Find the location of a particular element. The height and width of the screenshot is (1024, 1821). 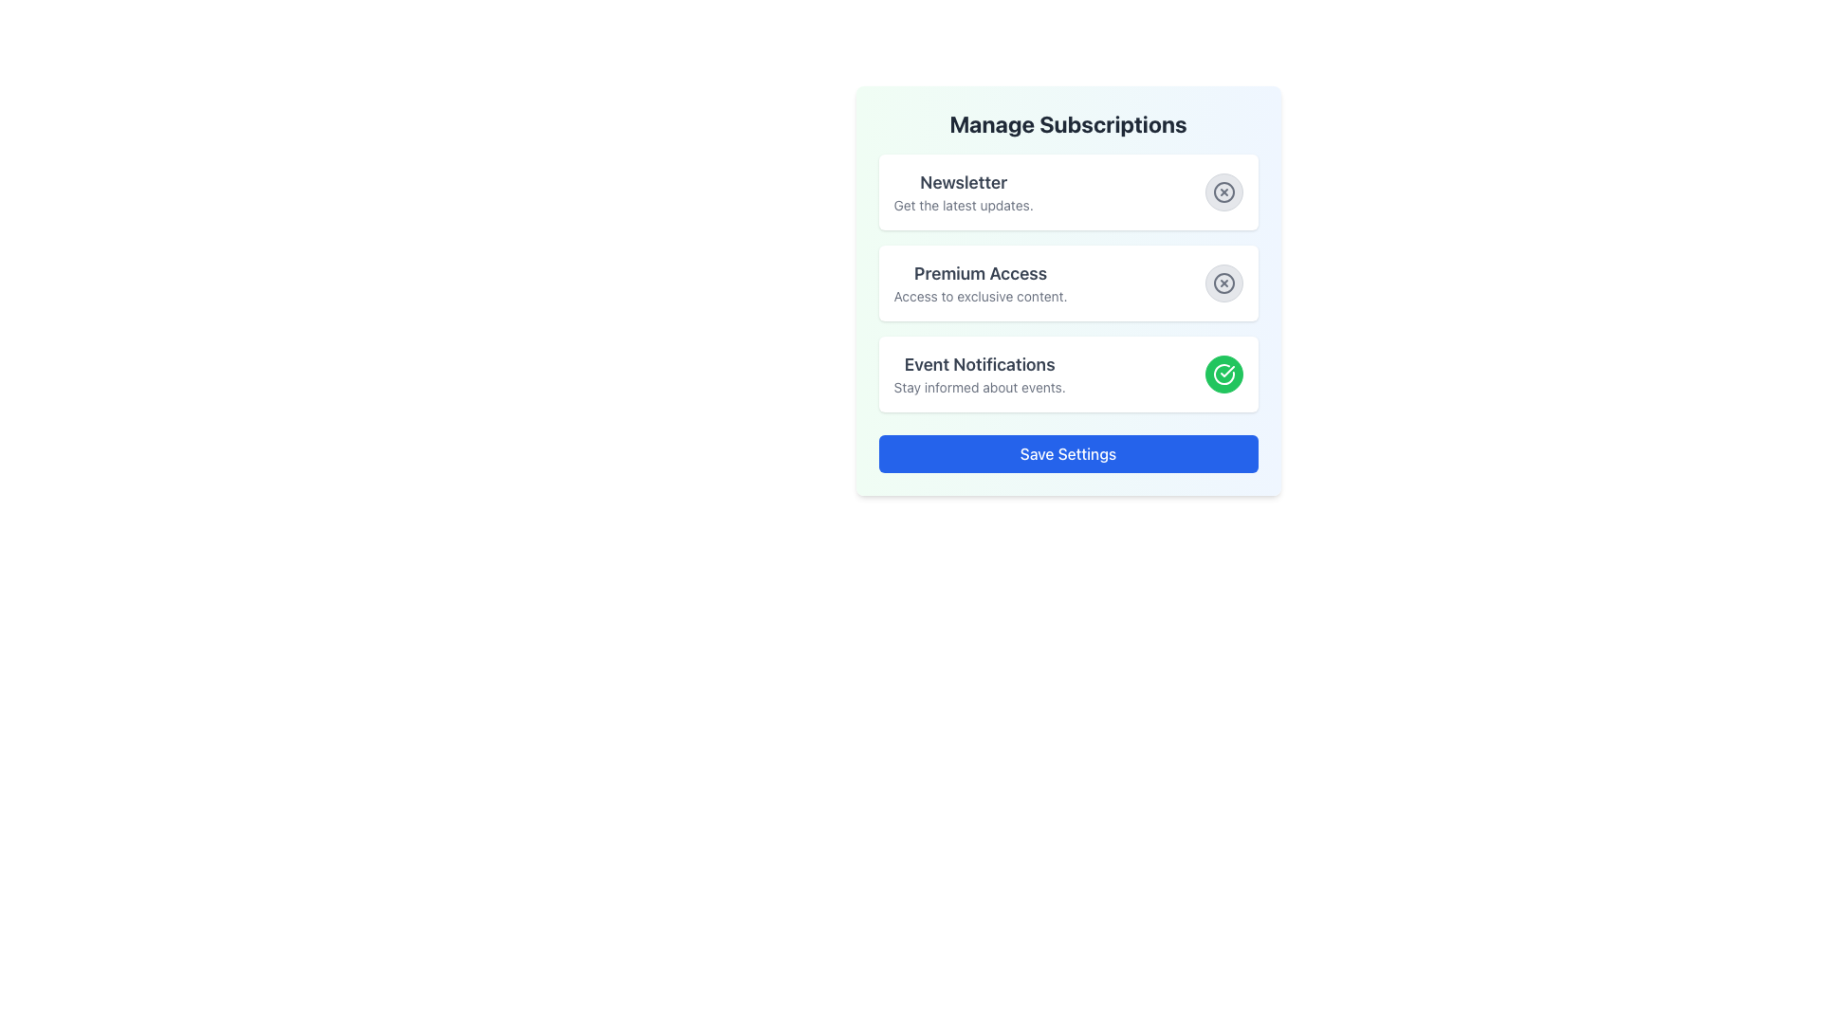

information about the 'Premium Access' subscription option, which is located as the second option in the 'Manage Subscriptions' panel, below 'Newsletter' and above 'Event Notifications' is located at coordinates (1068, 283).